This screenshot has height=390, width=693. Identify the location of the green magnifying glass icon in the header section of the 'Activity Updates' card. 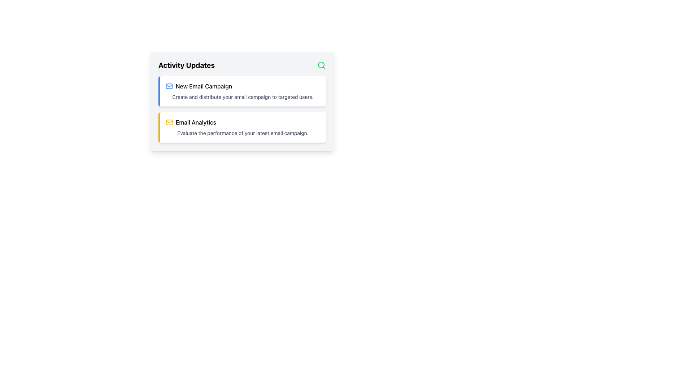
(321, 65).